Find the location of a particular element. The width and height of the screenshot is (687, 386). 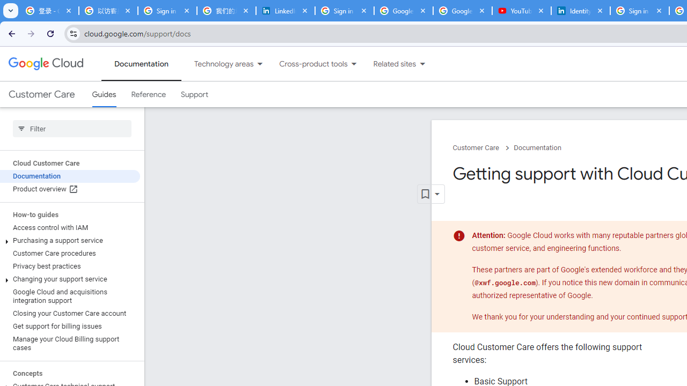

'Google Cloud' is located at coordinates (45, 64).